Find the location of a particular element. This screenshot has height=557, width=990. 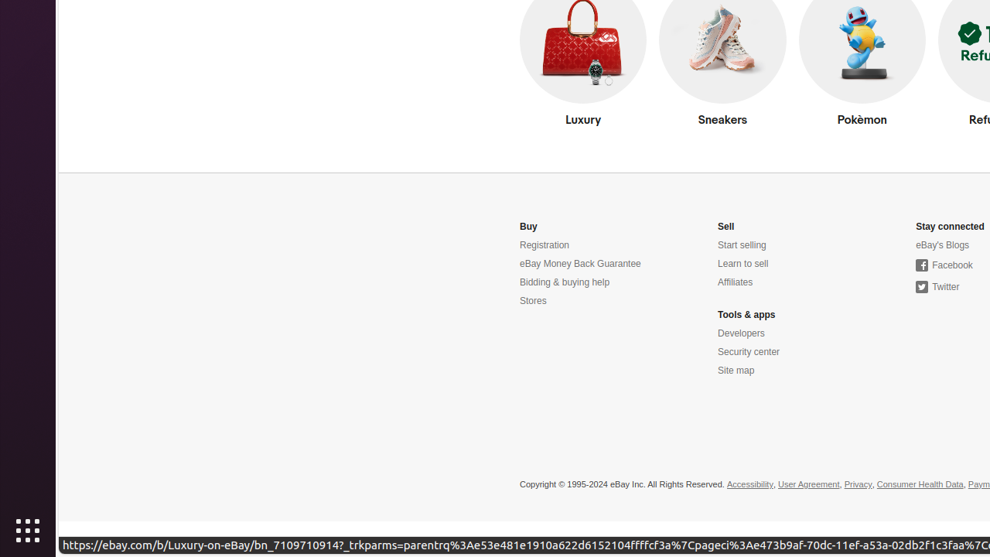

'Registration' is located at coordinates (544, 244).